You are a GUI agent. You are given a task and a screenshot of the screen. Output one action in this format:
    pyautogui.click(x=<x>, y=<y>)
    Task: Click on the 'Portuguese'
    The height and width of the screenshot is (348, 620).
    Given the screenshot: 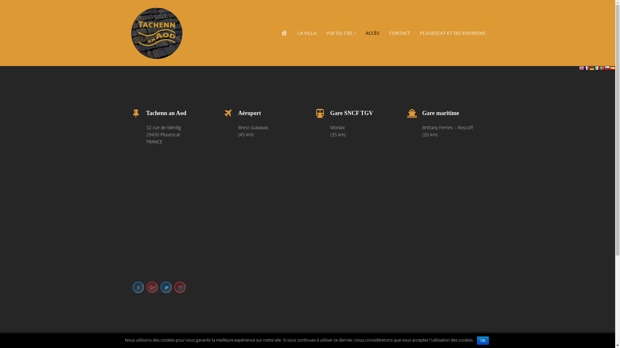 What is the action you would take?
    pyautogui.click(x=602, y=70)
    